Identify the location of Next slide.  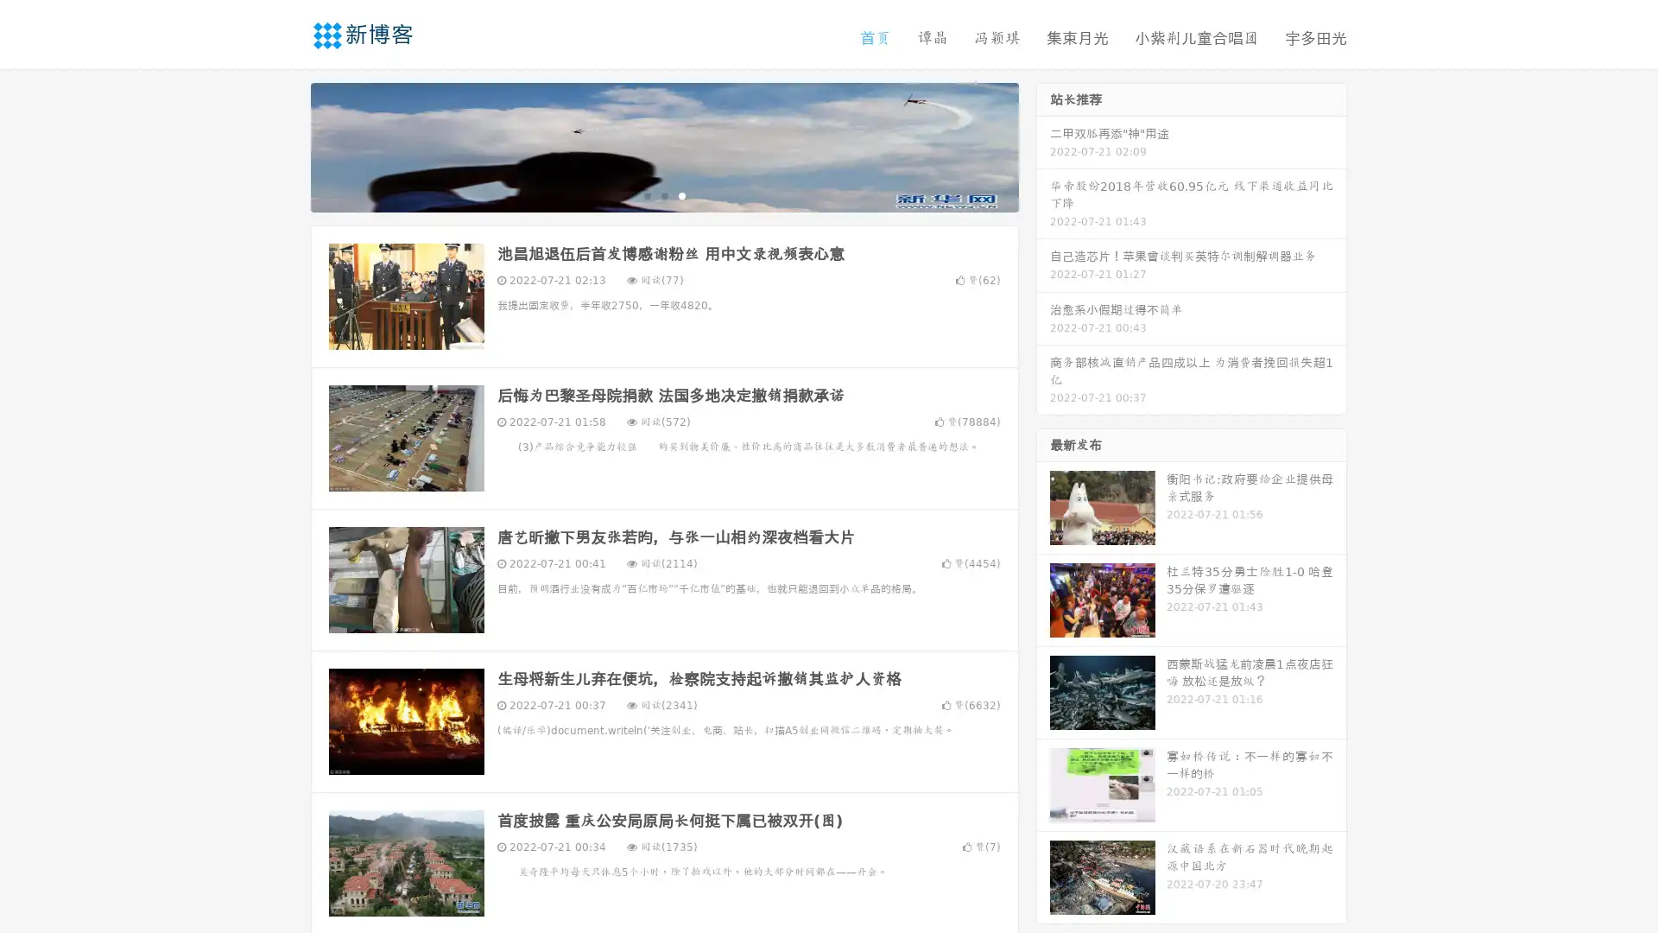
(1043, 145).